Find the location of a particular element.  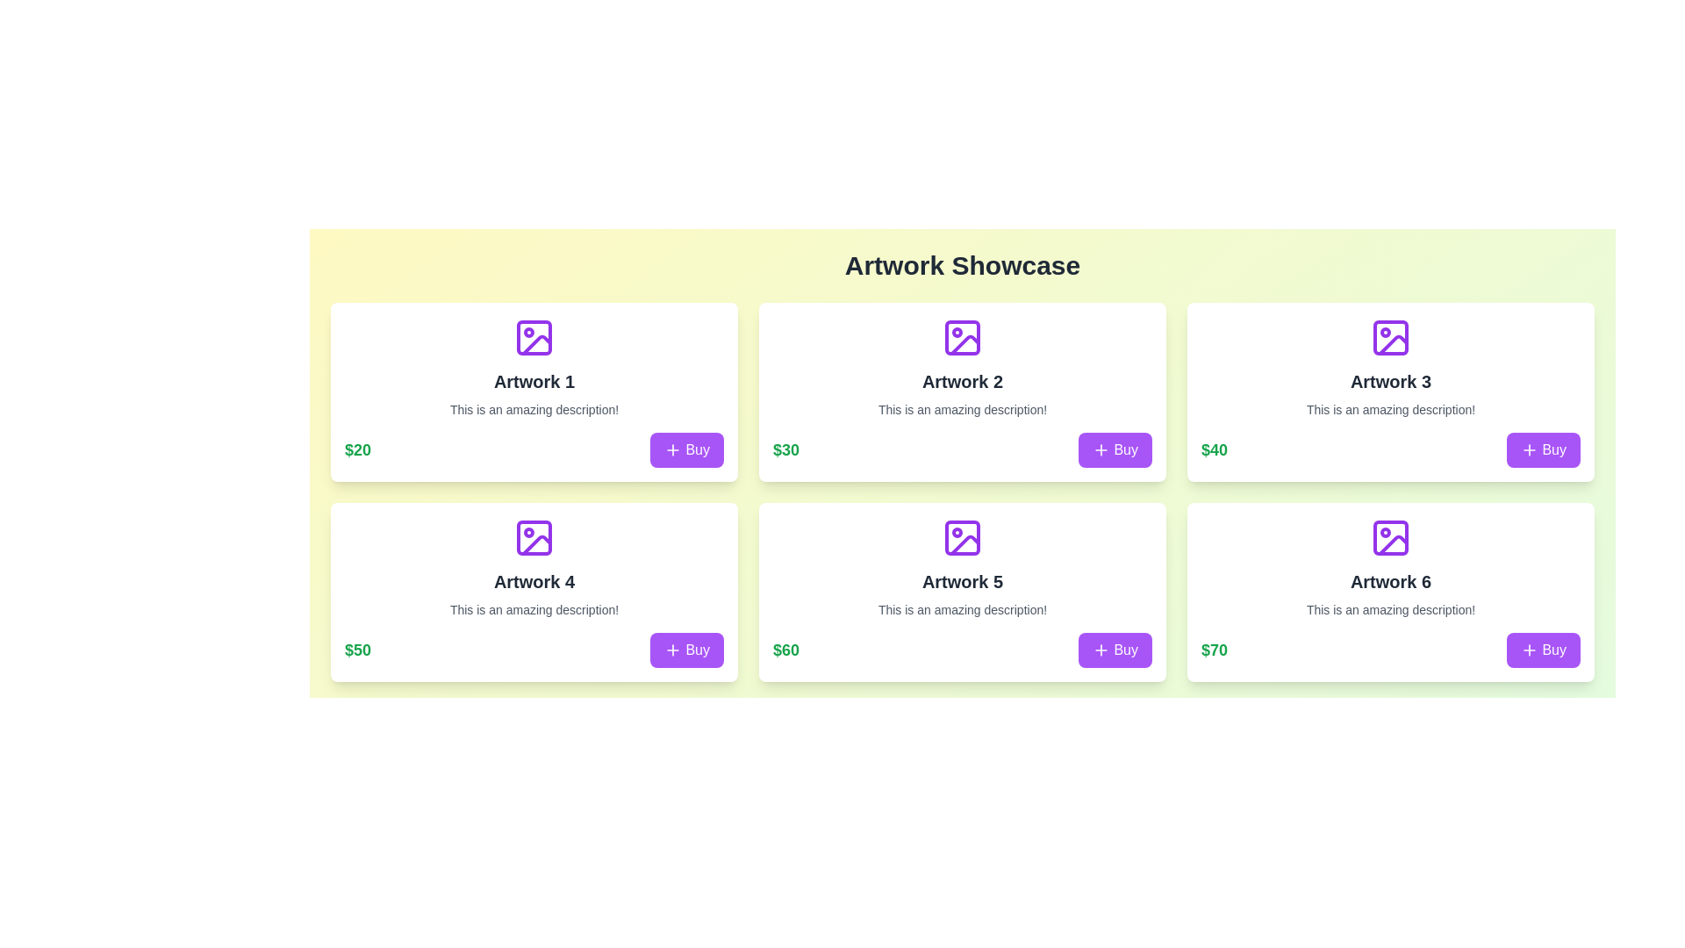

the plus symbol icon embedded in the 'Buy' button located at the bottom-right corner of the card labeled 'Artwork 2' is located at coordinates (672, 449).